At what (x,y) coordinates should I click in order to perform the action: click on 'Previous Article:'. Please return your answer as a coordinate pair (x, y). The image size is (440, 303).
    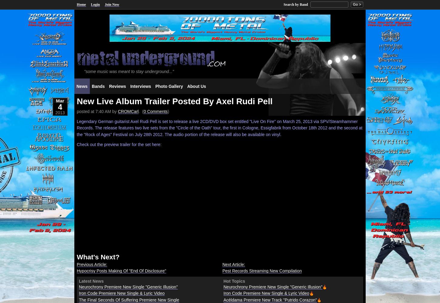
    Looking at the image, I should click on (92, 264).